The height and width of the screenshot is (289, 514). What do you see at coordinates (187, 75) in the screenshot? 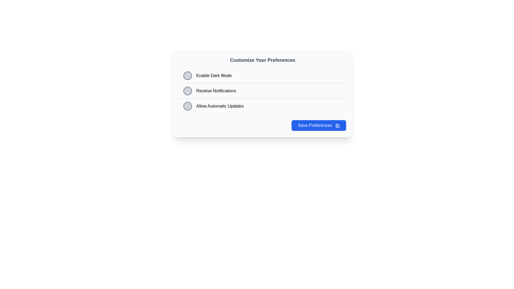
I see `the radio button` at bounding box center [187, 75].